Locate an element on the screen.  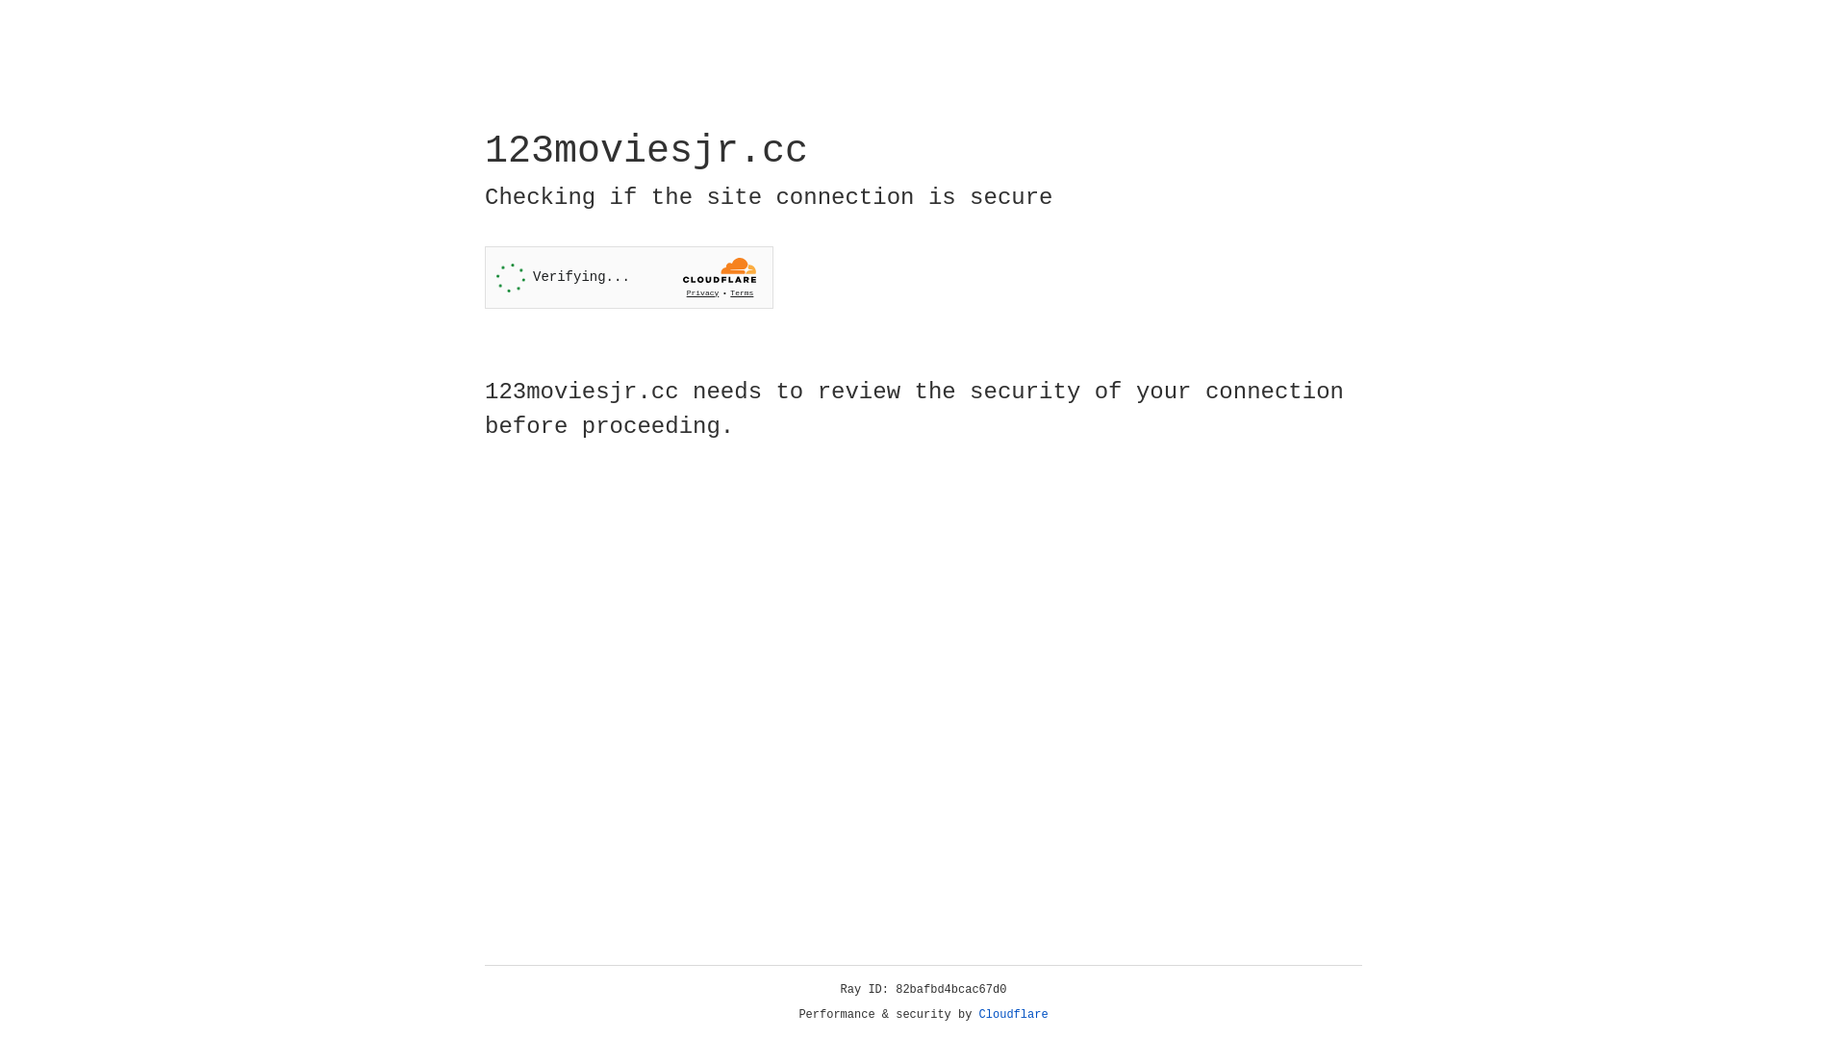
'Cloudflare' is located at coordinates (978, 1014).